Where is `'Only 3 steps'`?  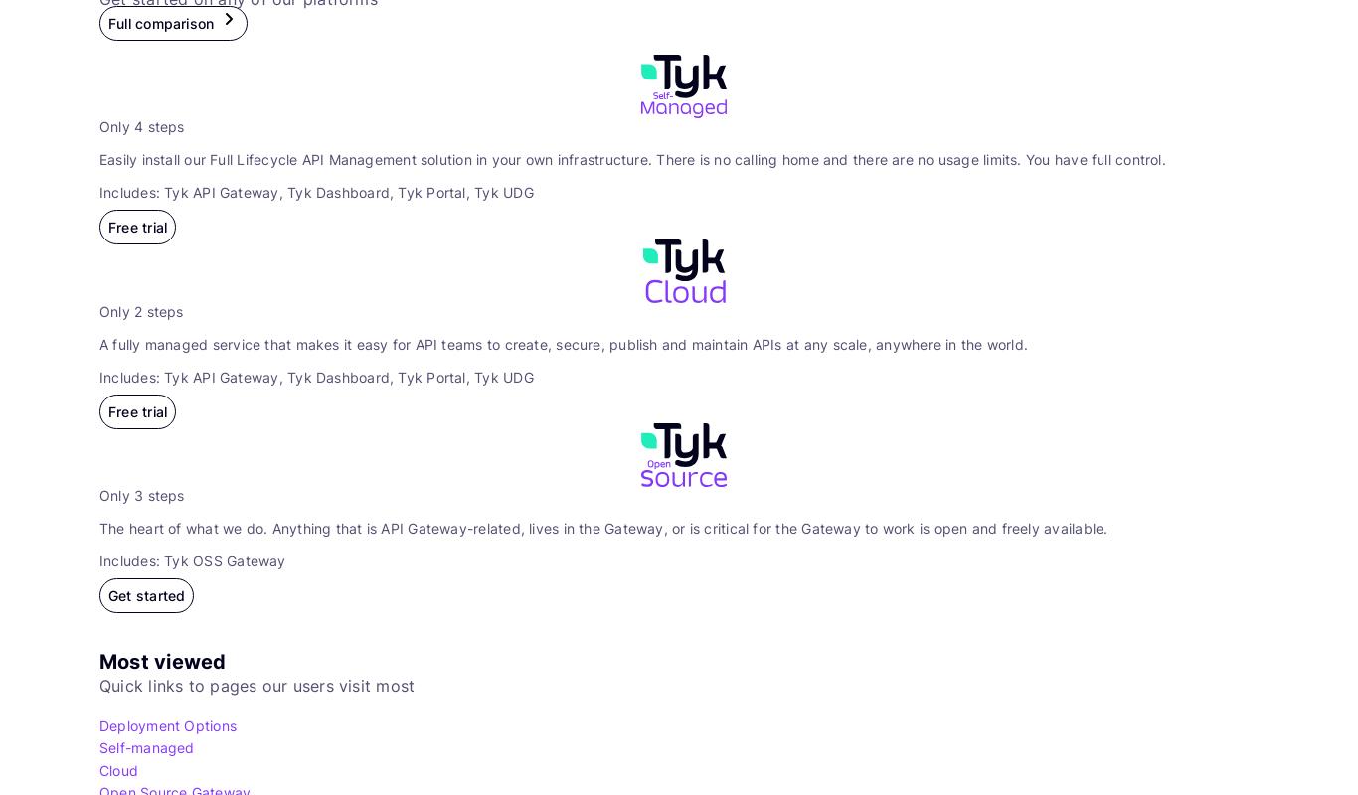
'Only 3 steps' is located at coordinates (140, 495).